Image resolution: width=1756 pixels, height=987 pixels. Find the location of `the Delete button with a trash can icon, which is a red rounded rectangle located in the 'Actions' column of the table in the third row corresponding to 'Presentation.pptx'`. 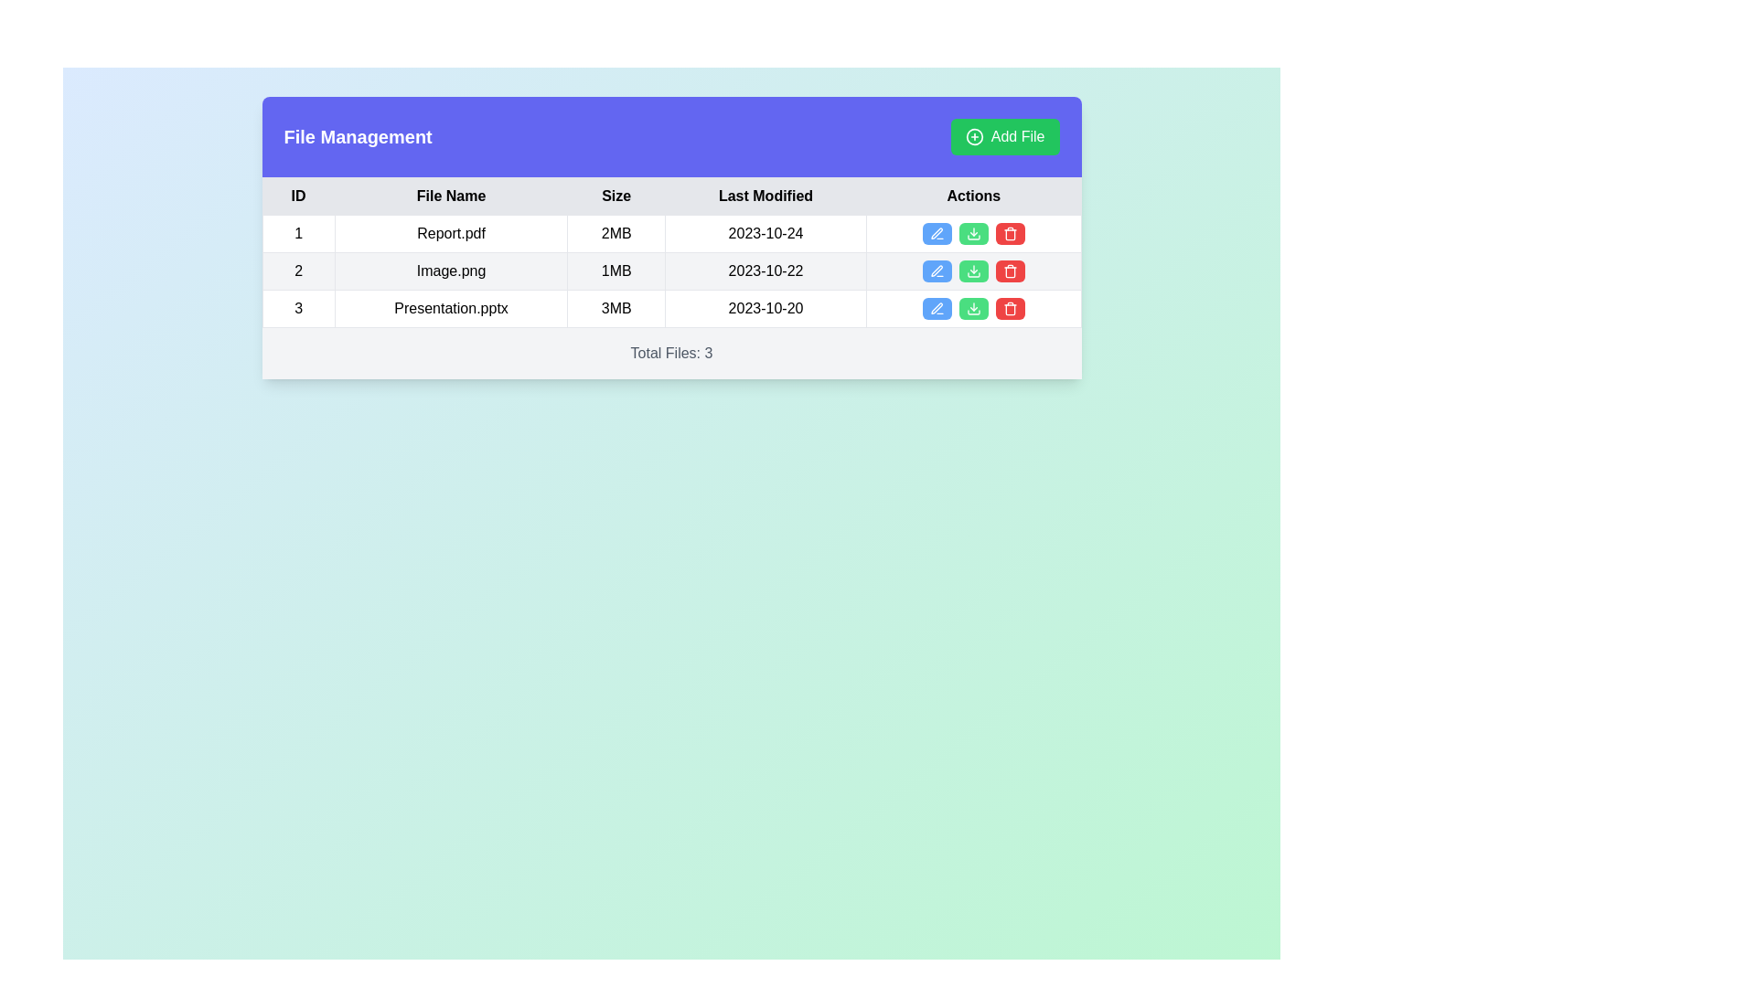

the Delete button with a trash can icon, which is a red rounded rectangle located in the 'Actions' column of the table in the third row corresponding to 'Presentation.pptx' is located at coordinates (1009, 308).